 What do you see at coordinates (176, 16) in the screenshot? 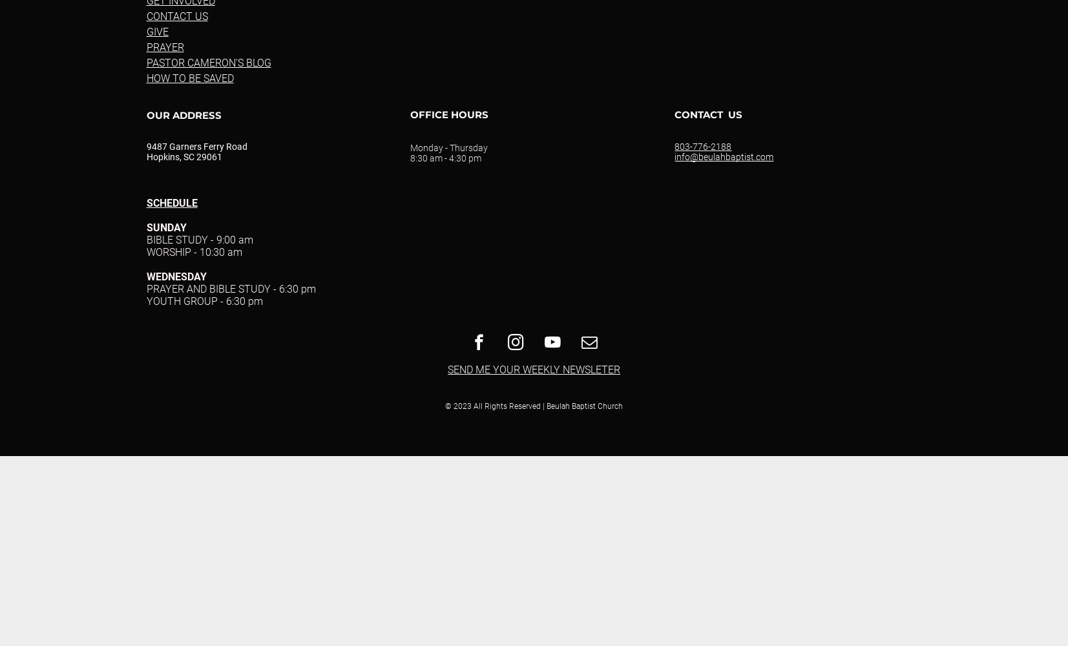
I see `'CONTACT US'` at bounding box center [176, 16].